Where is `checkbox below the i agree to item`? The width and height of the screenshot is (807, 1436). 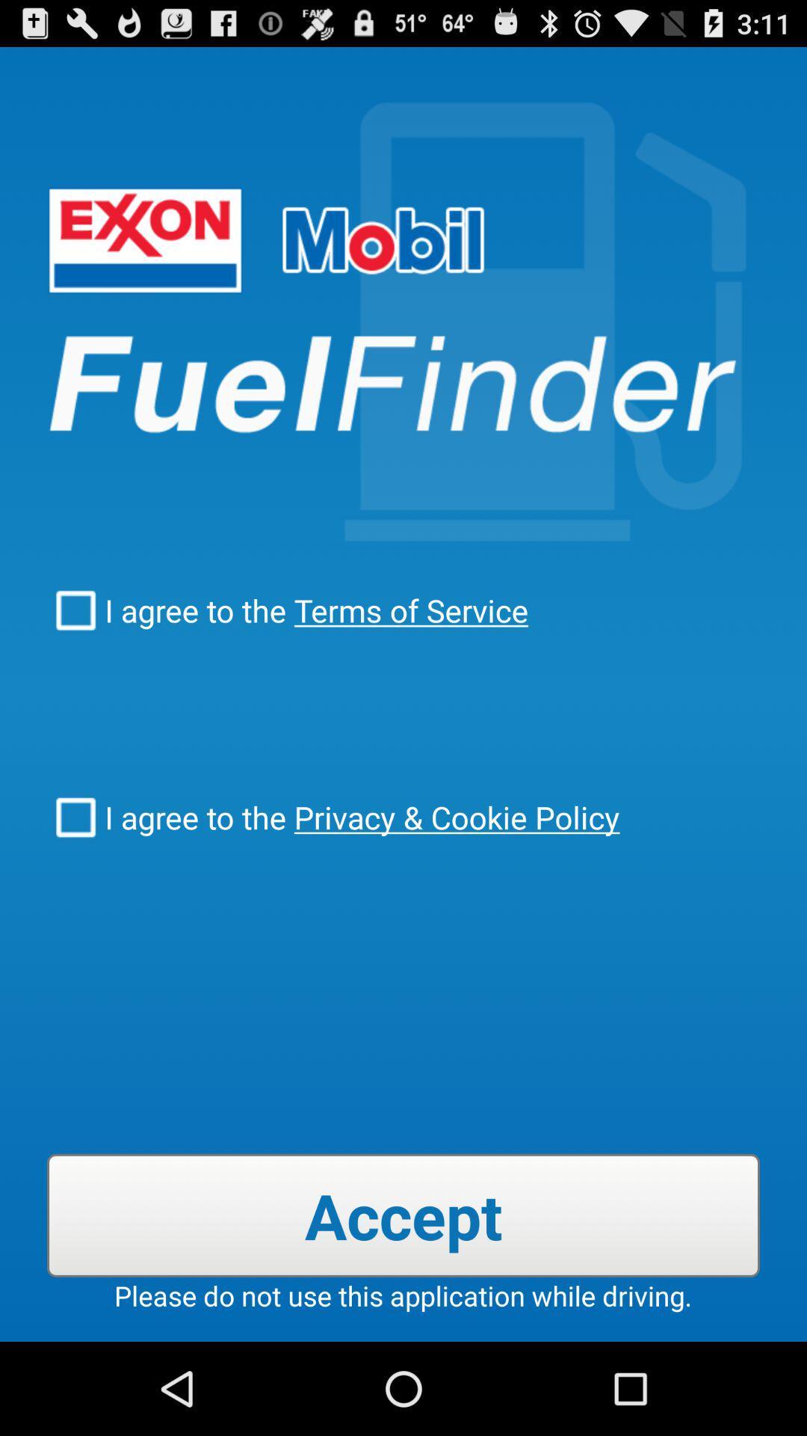
checkbox below the i agree to item is located at coordinates (452, 816).